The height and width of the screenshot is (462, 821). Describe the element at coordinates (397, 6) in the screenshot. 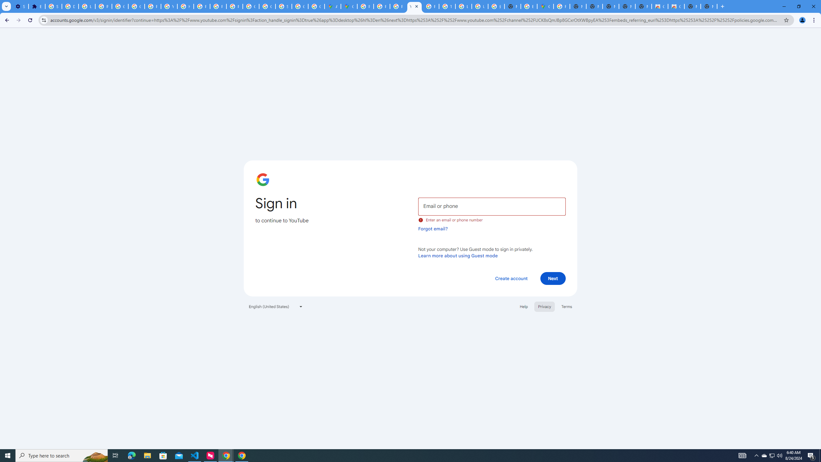

I see `'Privacy Help Center - Policies Help'` at that location.